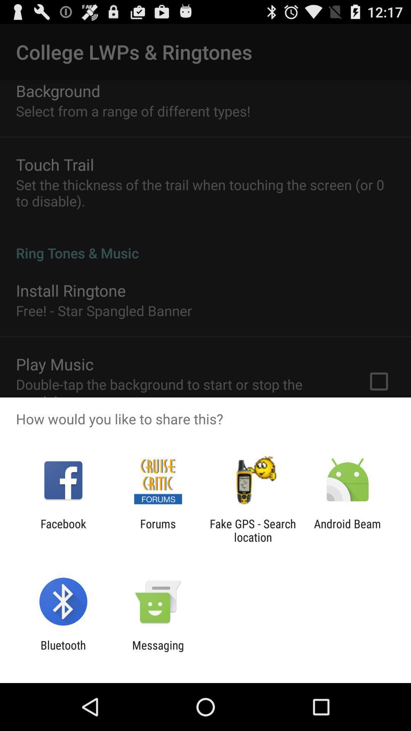 Image resolution: width=411 pixels, height=731 pixels. Describe the element at coordinates (158, 651) in the screenshot. I see `messaging icon` at that location.